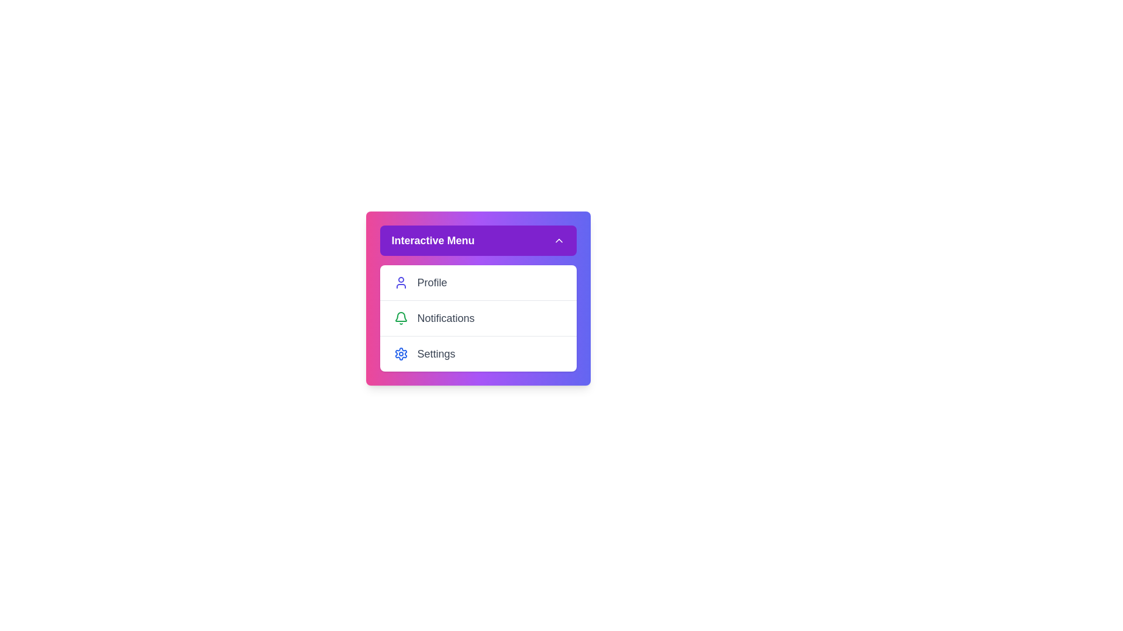 Image resolution: width=1123 pixels, height=631 pixels. I want to click on the 'Settings' menu item, so click(478, 353).